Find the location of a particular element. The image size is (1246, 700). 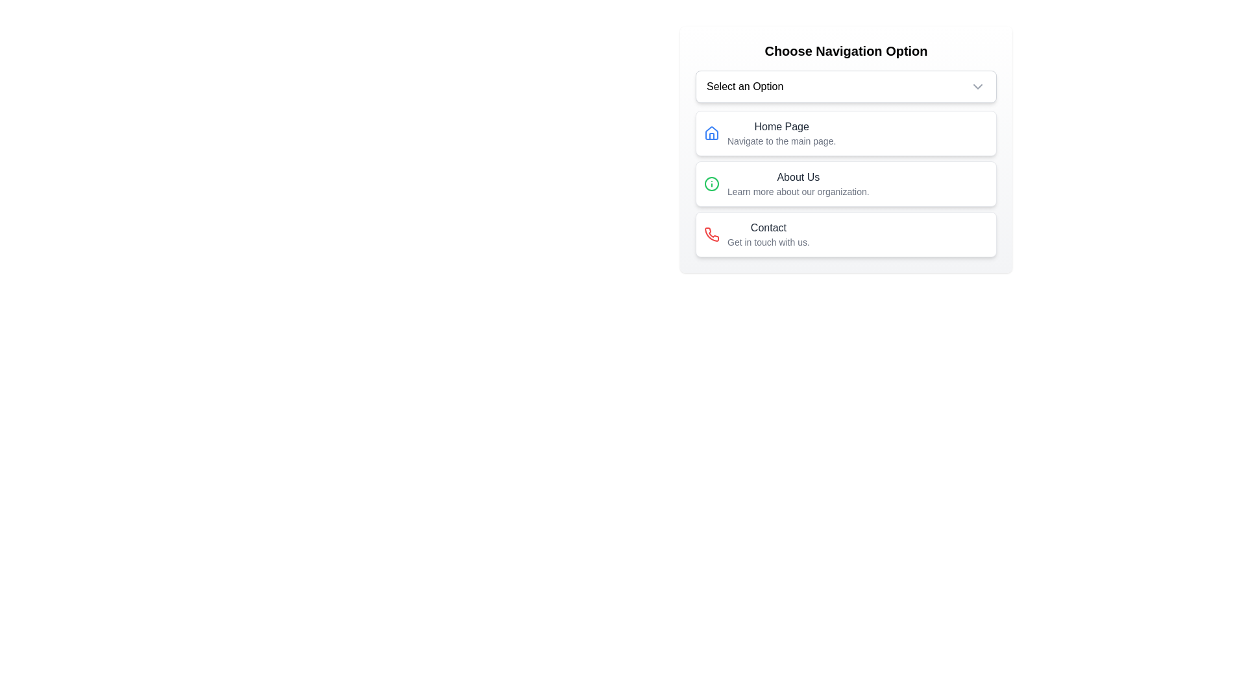

the compact green circular information icon located to the left of the 'About Us' label in the navigation menu is located at coordinates (711, 184).